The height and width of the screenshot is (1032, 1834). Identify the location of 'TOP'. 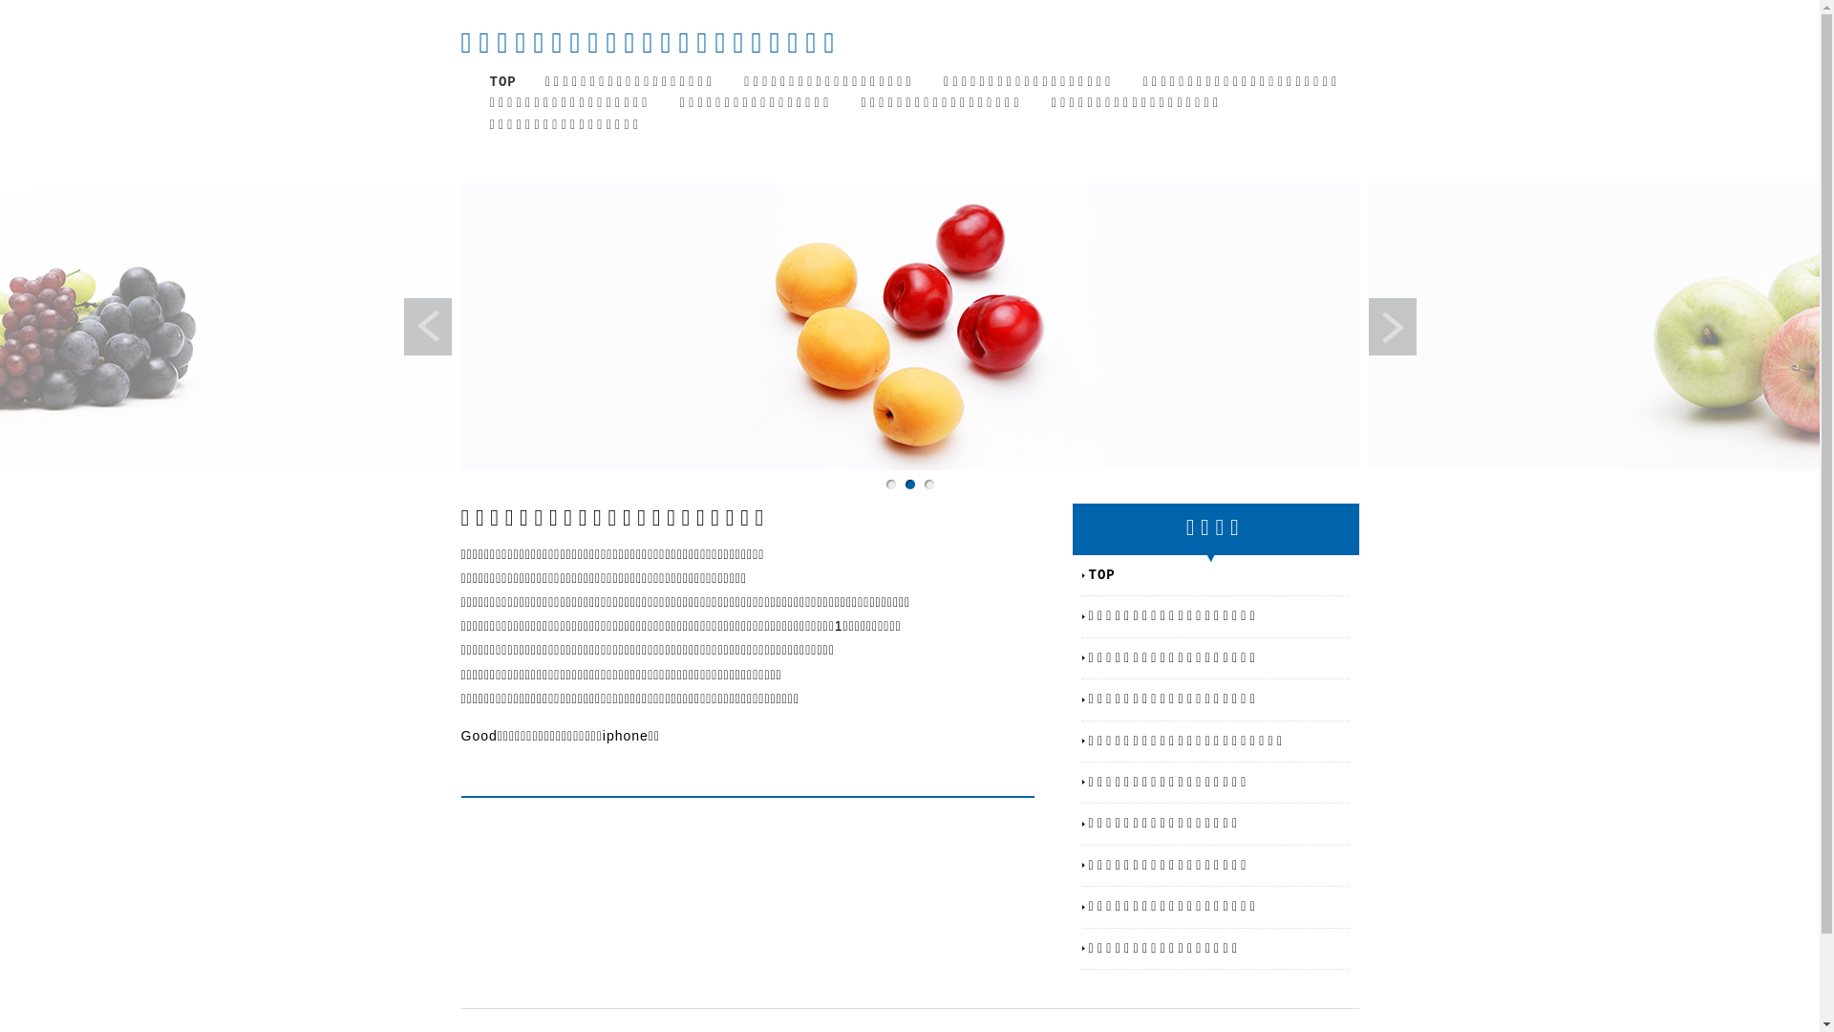
(502, 80).